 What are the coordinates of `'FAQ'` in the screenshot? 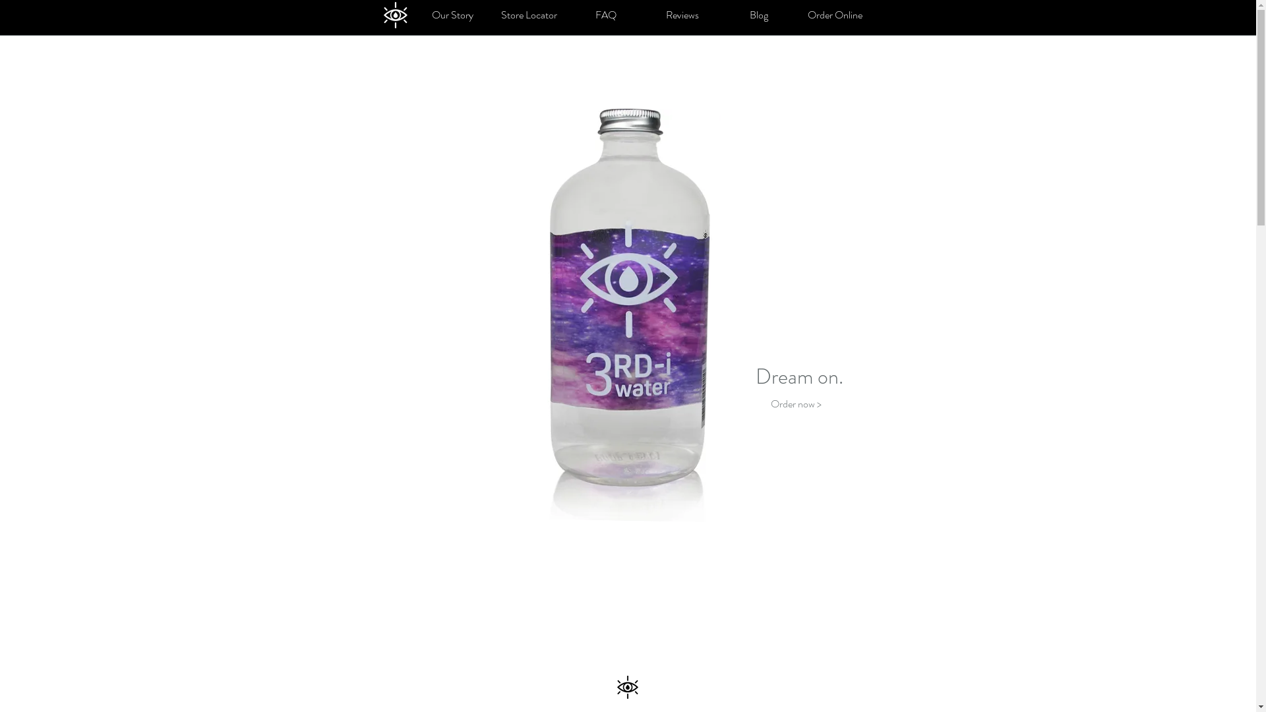 It's located at (604, 15).